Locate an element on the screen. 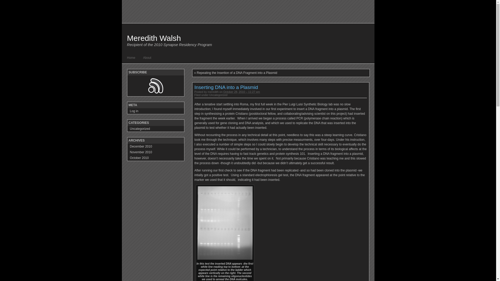 The image size is (500, 281). 'About' is located at coordinates (147, 58).